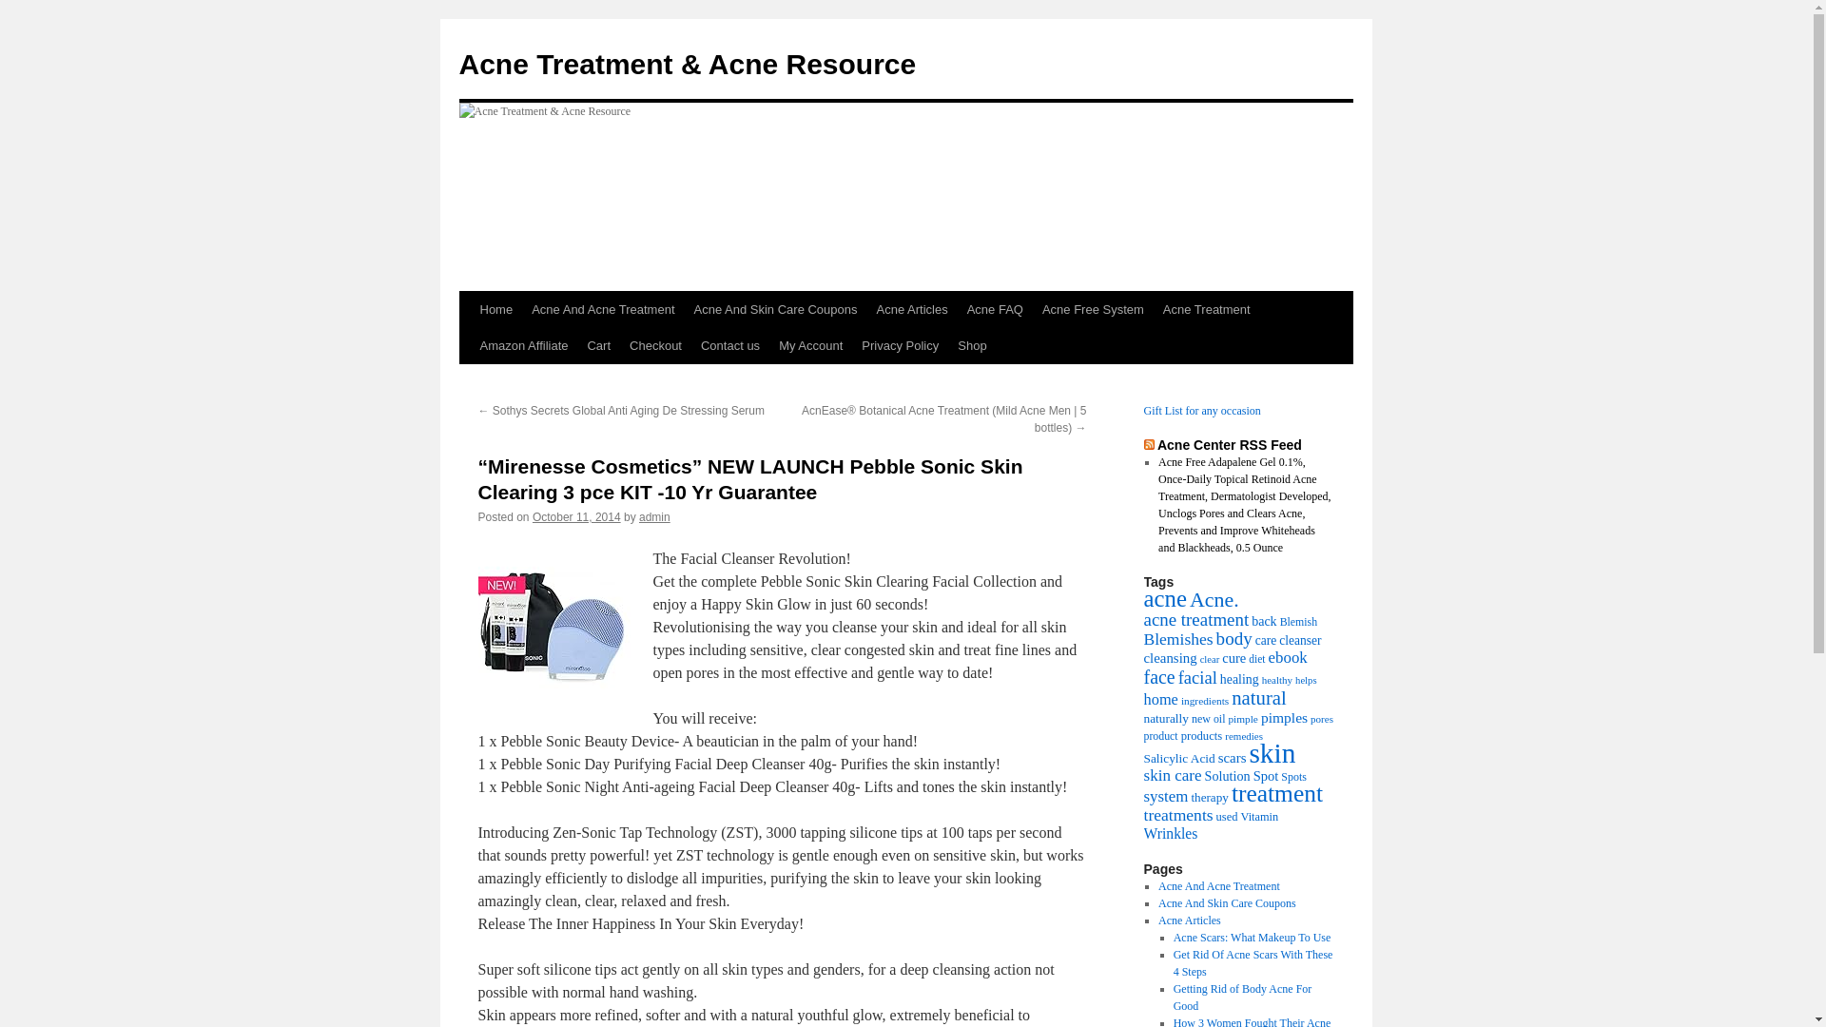 The width and height of the screenshot is (1826, 1027). I want to click on 'Vitamin', so click(1241, 816).